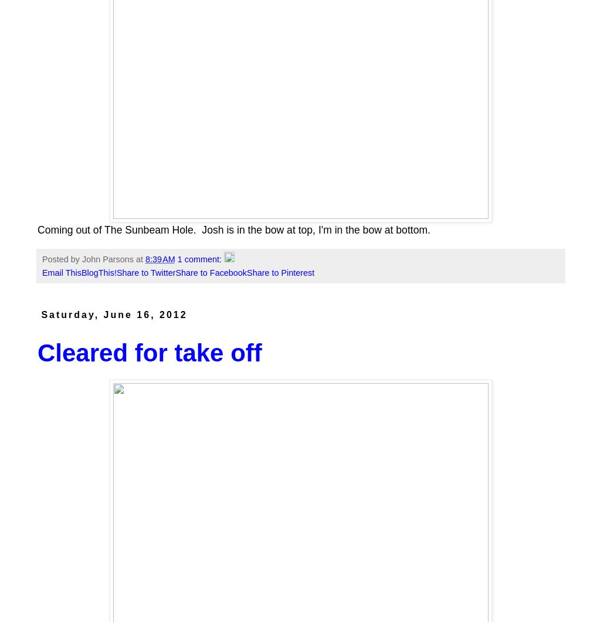  What do you see at coordinates (114, 315) in the screenshot?
I see `'Saturday, June 16, 2012'` at bounding box center [114, 315].